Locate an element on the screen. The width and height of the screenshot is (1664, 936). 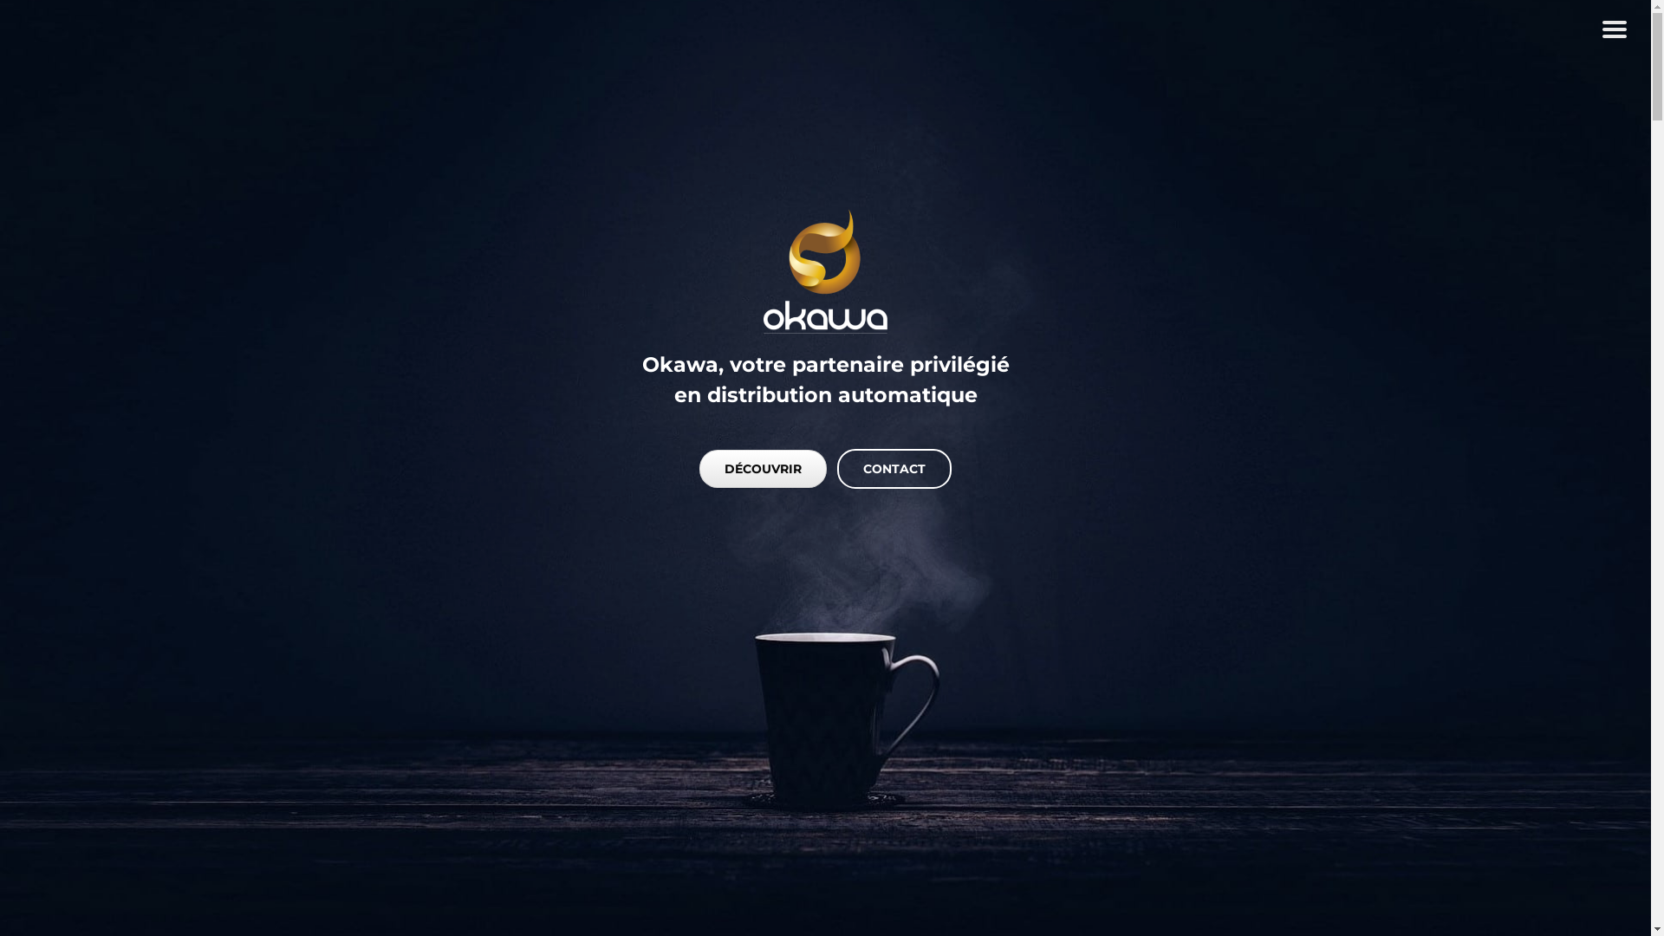
'CONTACT' is located at coordinates (894, 468).